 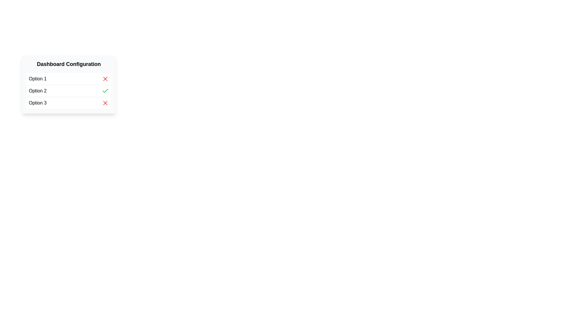 What do you see at coordinates (105, 103) in the screenshot?
I see `the red 'X' icon located to the right of 'Option 3' in the 'Dashboard Configuration' section, which signifies a negative action` at bounding box center [105, 103].